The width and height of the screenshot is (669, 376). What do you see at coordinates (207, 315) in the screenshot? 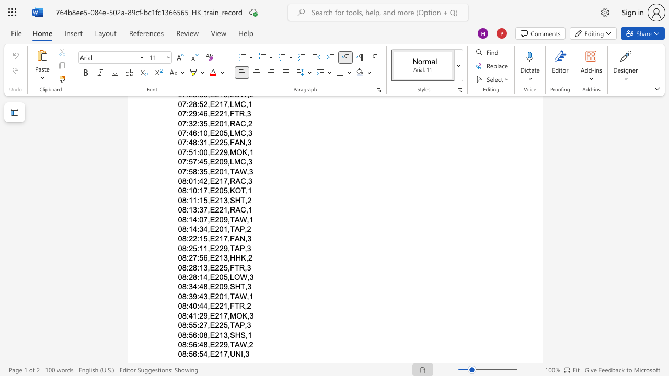
I see `the subset text ",E2" within the text "08:41:29,E217,MOK,3"` at bounding box center [207, 315].